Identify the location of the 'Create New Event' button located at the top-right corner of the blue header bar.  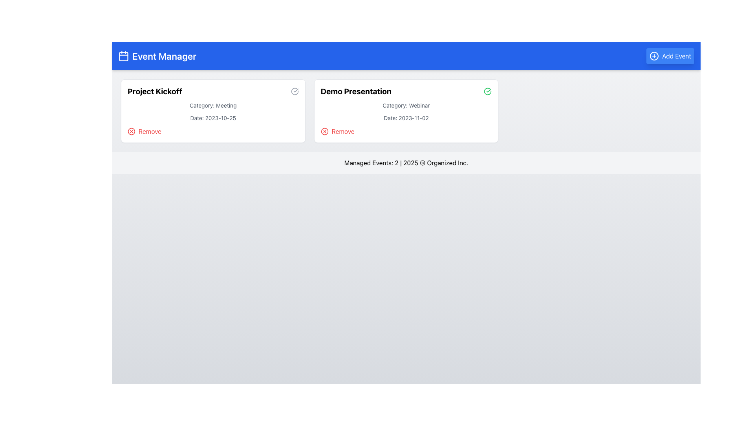
(670, 55).